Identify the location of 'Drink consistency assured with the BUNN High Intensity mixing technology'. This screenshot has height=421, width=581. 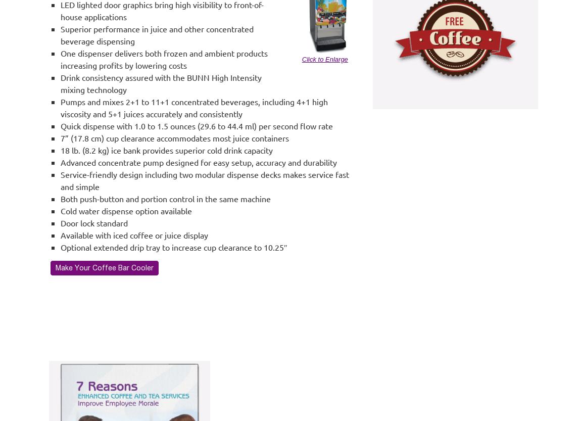
(161, 83).